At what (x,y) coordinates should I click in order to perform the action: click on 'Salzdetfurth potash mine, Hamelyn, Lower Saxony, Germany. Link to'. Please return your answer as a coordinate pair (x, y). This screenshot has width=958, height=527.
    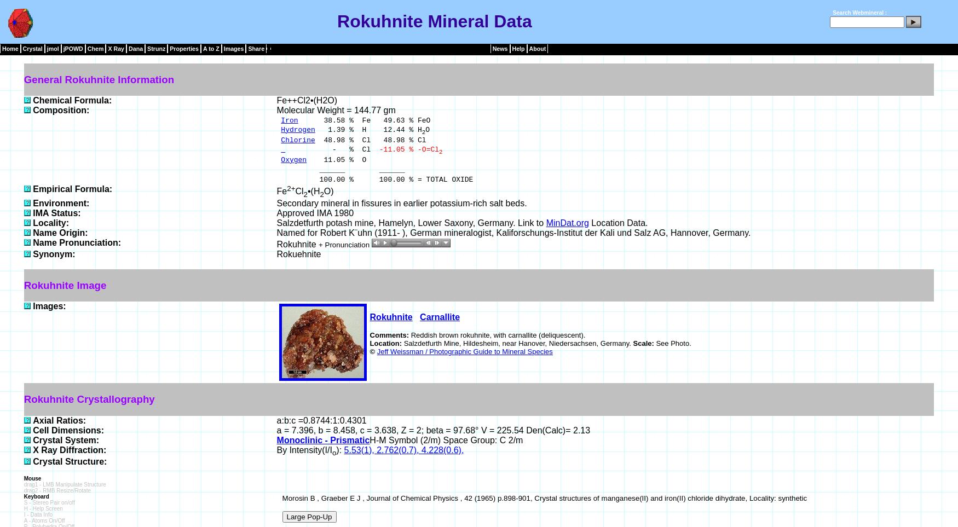
    Looking at the image, I should click on (411, 222).